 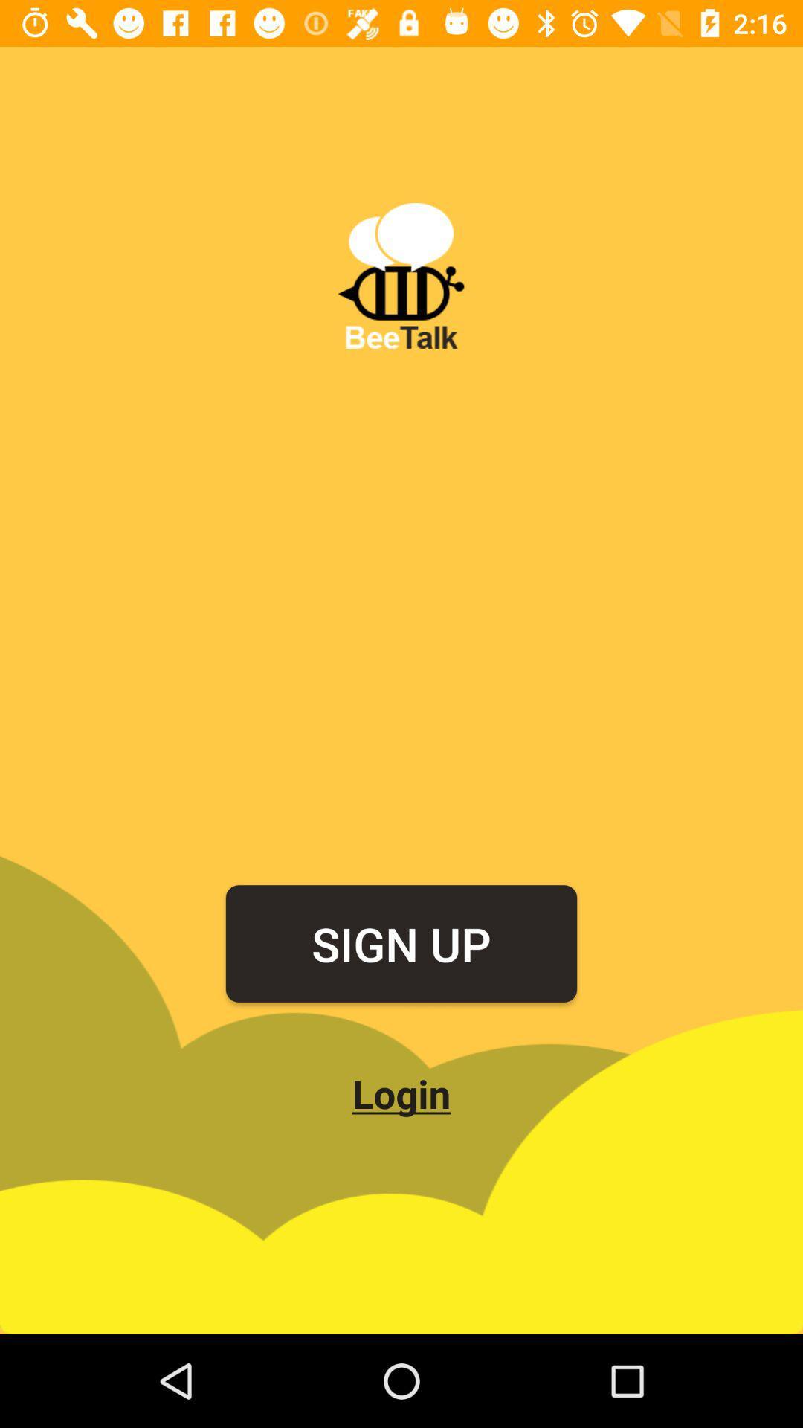 What do you see at coordinates (401, 1093) in the screenshot?
I see `the icon below the sign up icon` at bounding box center [401, 1093].